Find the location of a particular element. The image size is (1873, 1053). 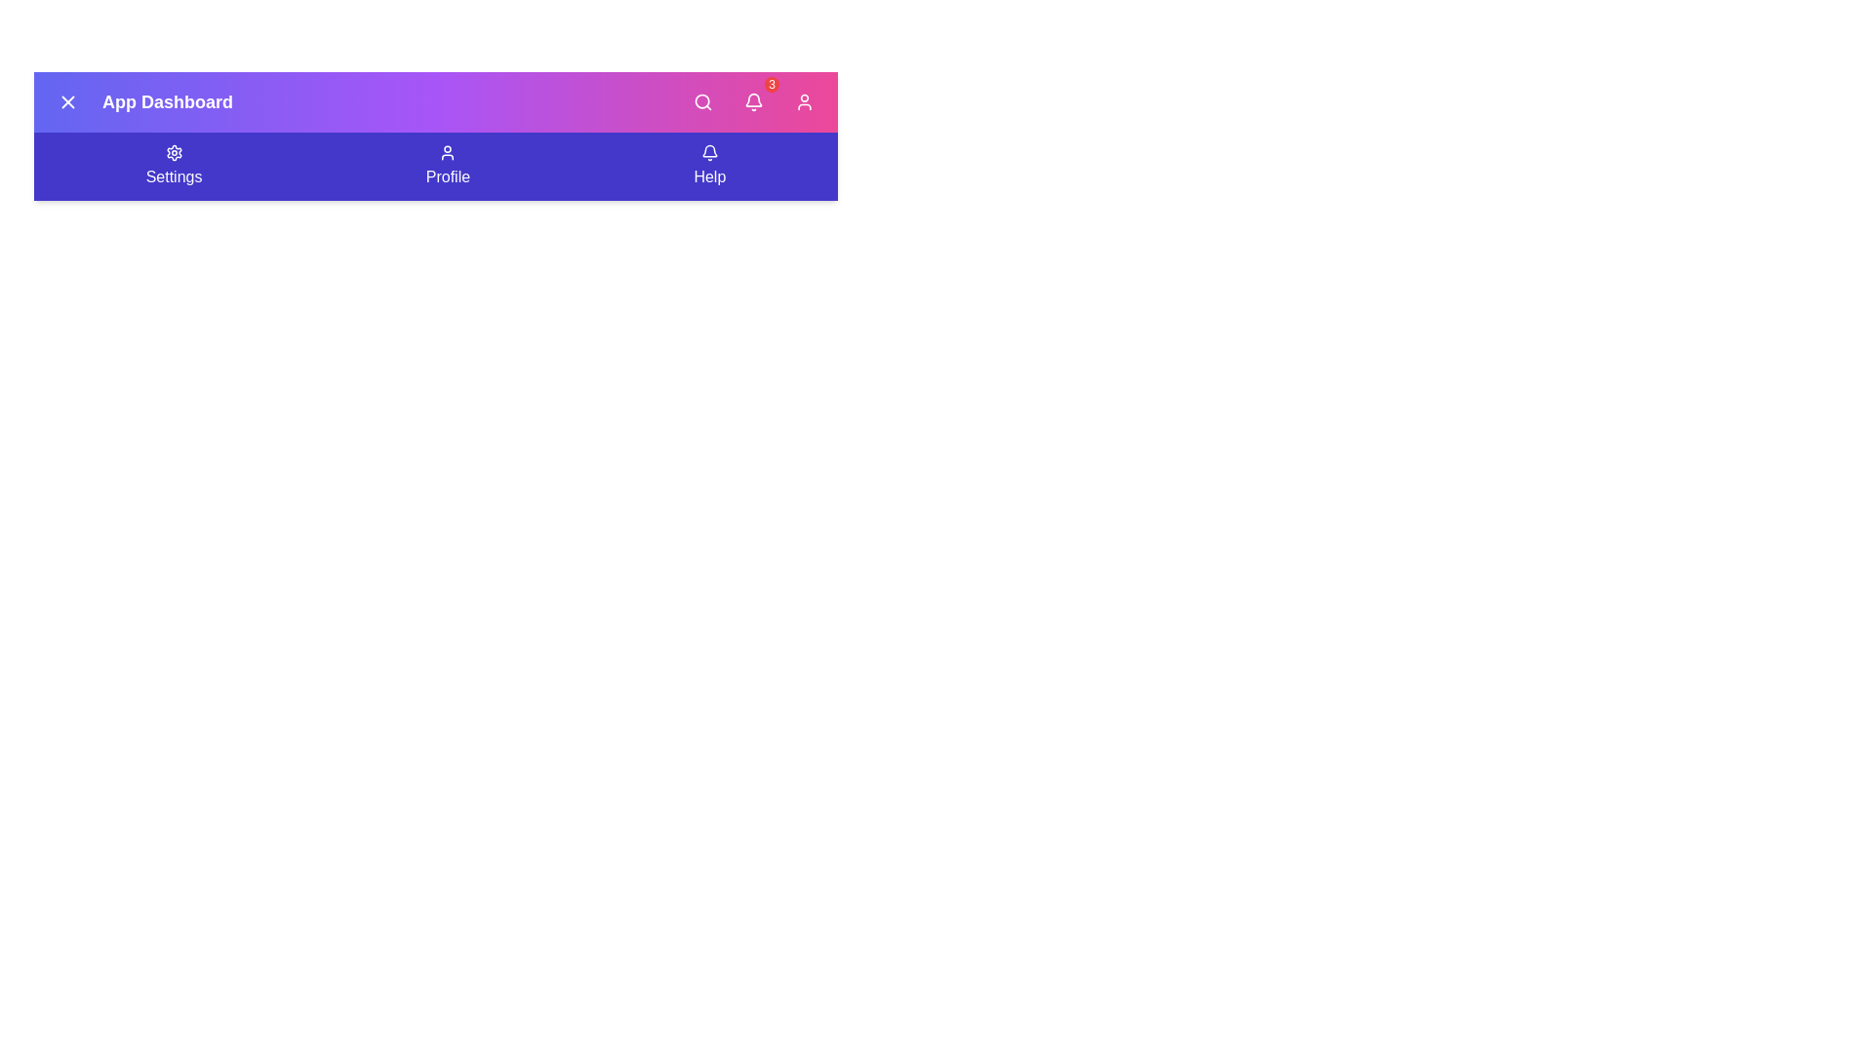

the 'Profile' button in the navigation bar is located at coordinates (447, 165).